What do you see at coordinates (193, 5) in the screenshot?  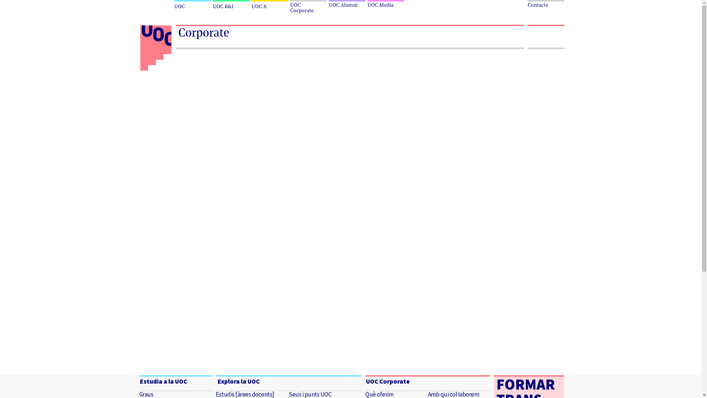 I see `'UOC'` at bounding box center [193, 5].